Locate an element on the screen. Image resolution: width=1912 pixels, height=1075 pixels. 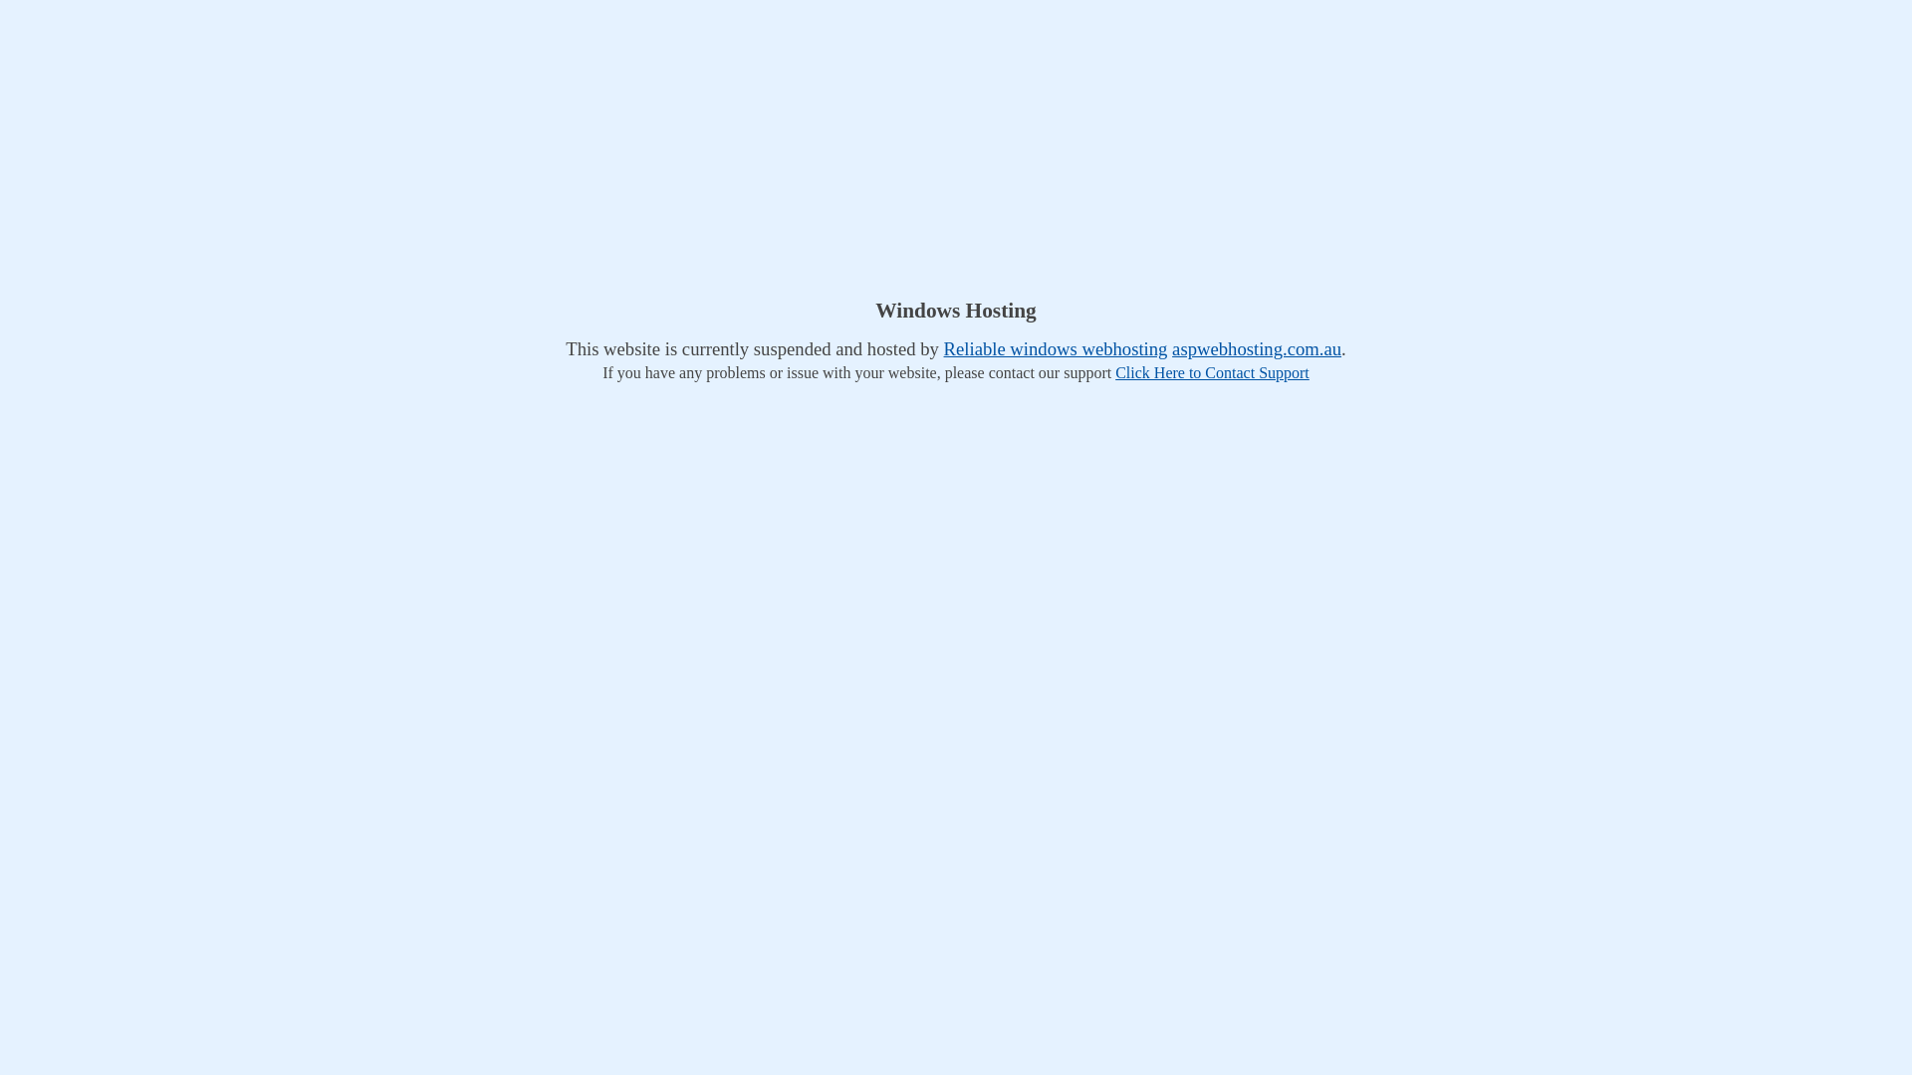
'Reliable windows webhosting' is located at coordinates (1055, 347).